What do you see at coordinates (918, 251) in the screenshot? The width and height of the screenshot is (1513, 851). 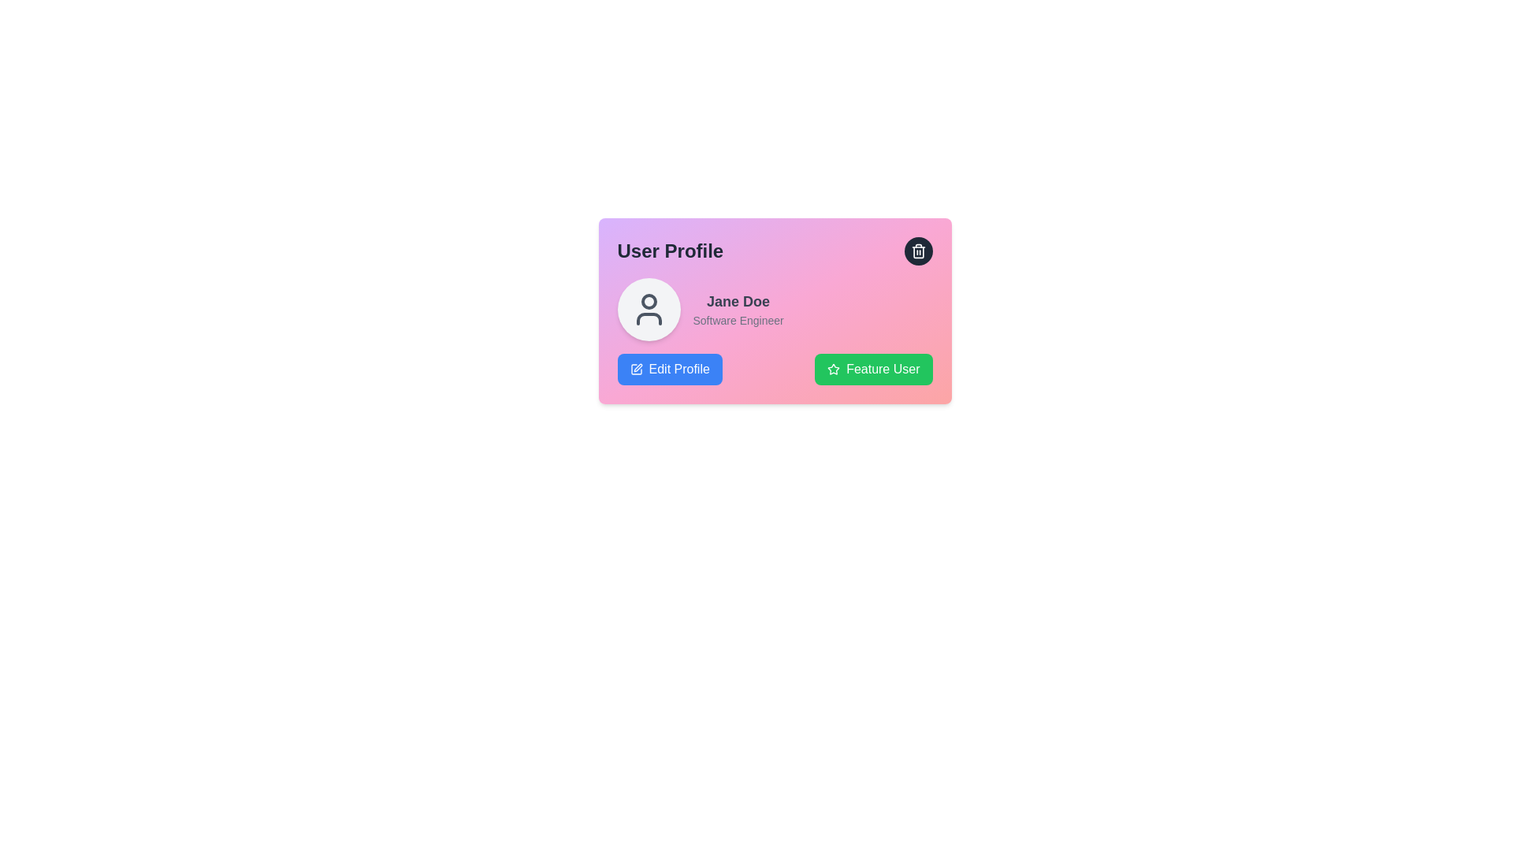 I see `the 'Delete' button located in the top-right corner of the 'User Profile' section` at bounding box center [918, 251].